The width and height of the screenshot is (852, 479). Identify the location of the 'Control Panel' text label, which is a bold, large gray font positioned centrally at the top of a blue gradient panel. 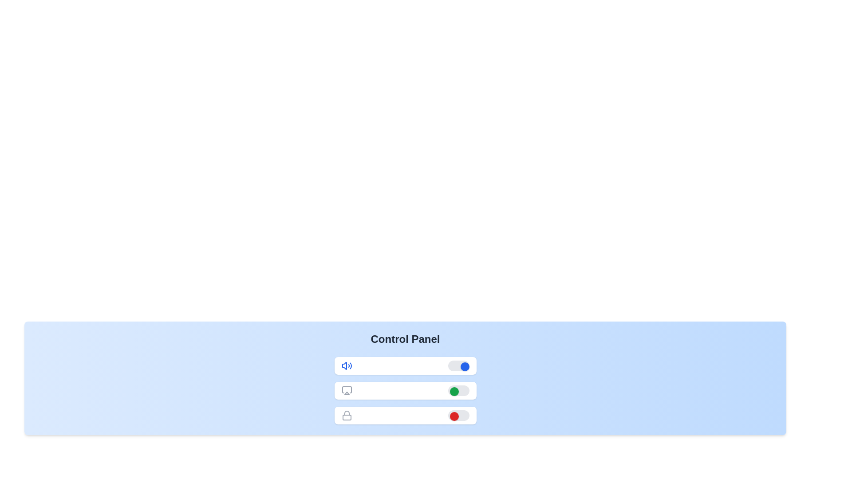
(405, 339).